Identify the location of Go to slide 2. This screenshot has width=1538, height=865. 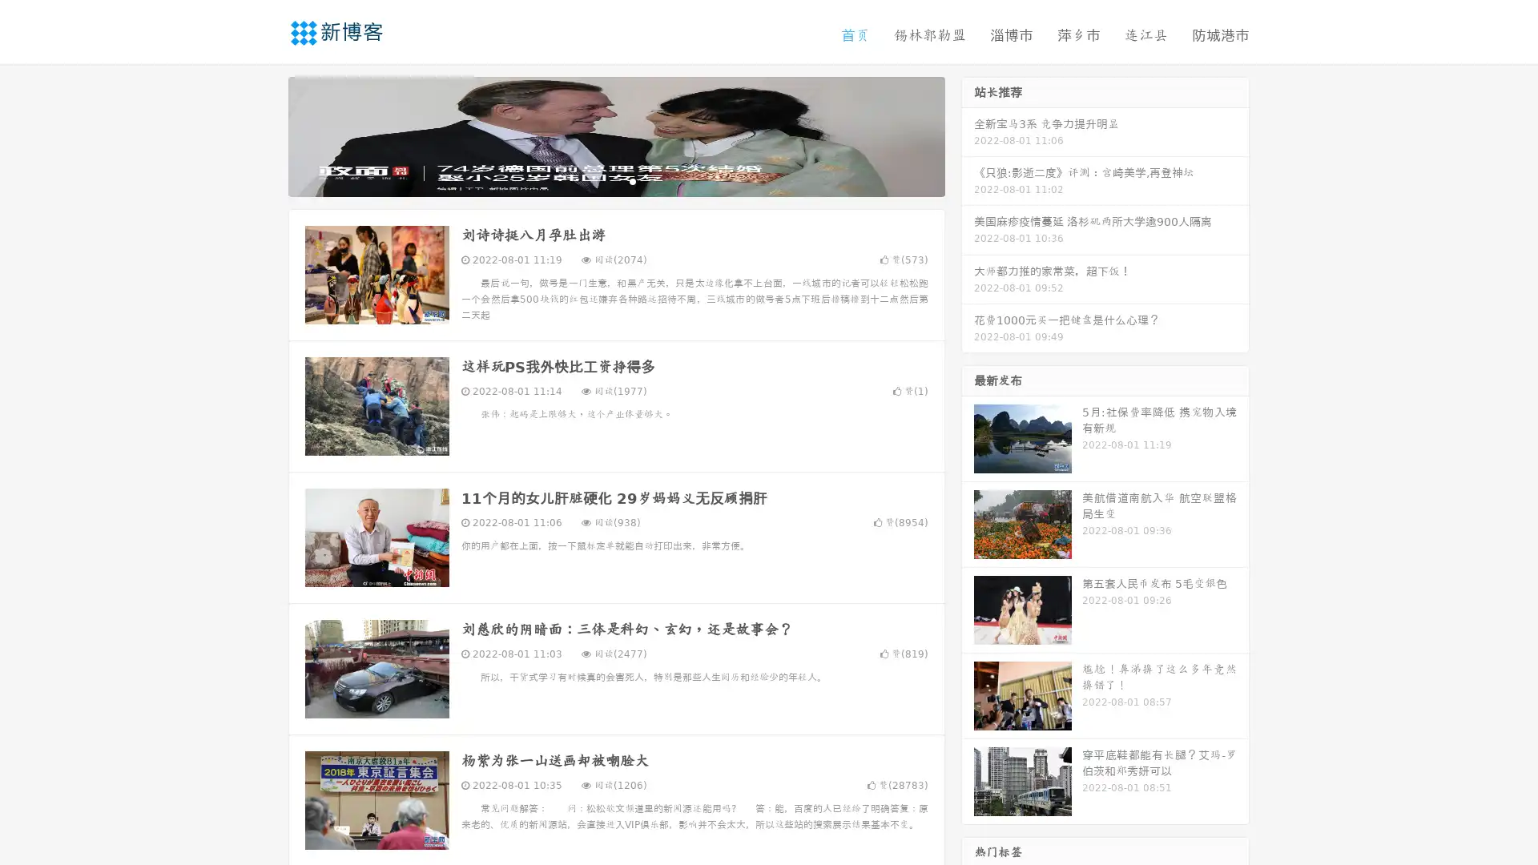
(615, 180).